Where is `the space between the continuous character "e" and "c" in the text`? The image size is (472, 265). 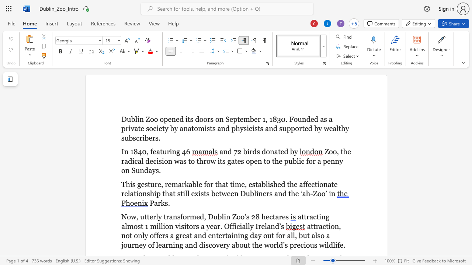 the space between the continuous character "e" and "c" in the text is located at coordinates (269, 216).